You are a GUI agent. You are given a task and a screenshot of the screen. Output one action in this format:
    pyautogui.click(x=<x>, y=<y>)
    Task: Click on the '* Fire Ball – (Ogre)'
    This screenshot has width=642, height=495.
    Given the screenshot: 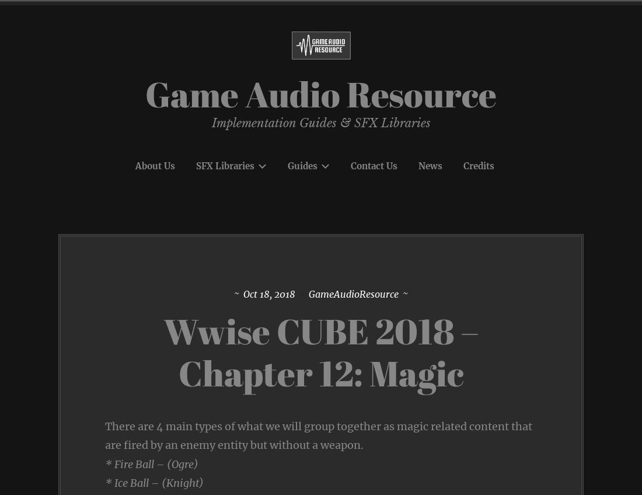 What is the action you would take?
    pyautogui.click(x=152, y=463)
    